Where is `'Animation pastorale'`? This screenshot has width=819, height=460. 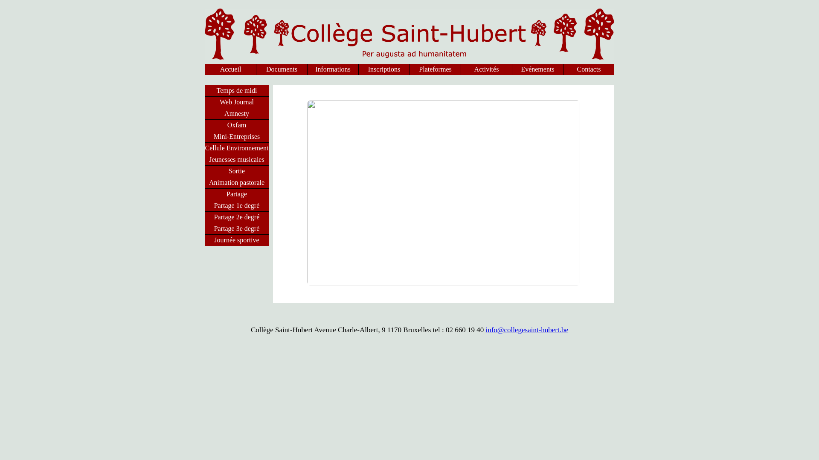
'Animation pastorale' is located at coordinates (237, 182).